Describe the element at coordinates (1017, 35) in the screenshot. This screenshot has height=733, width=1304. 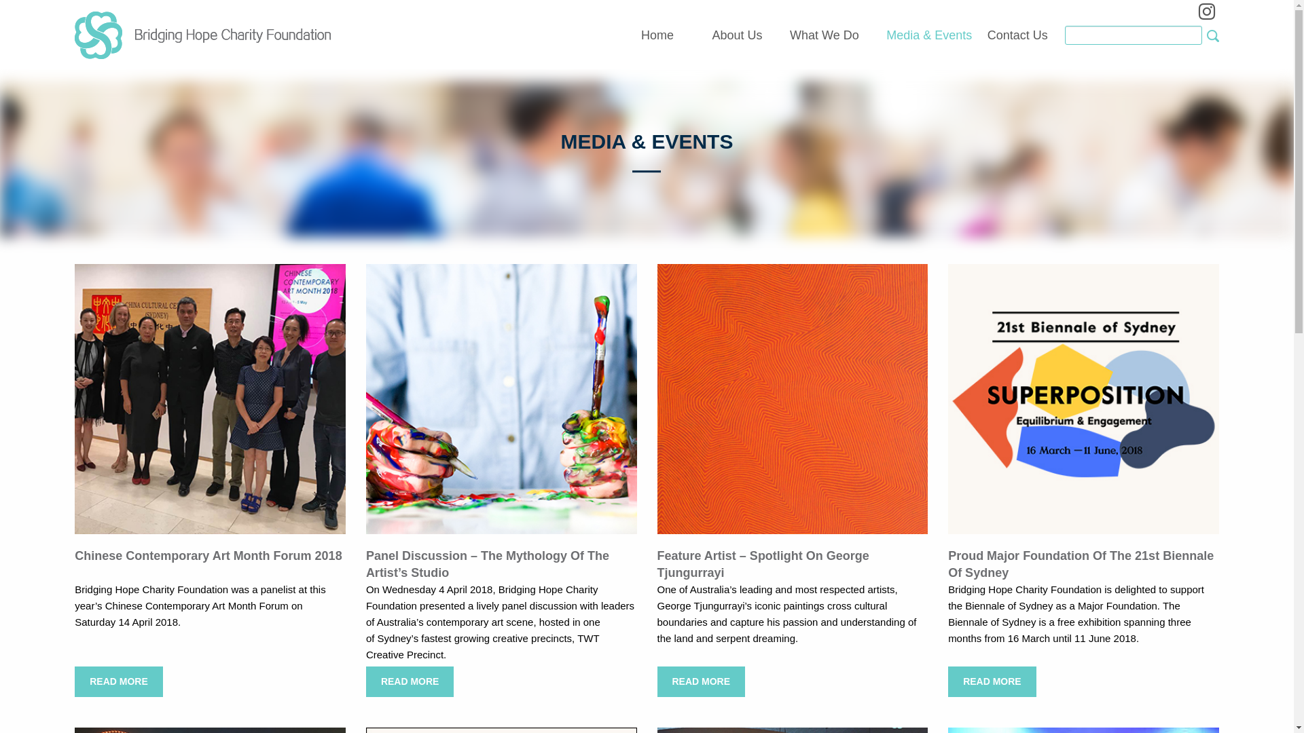
I see `'Contact Us'` at that location.